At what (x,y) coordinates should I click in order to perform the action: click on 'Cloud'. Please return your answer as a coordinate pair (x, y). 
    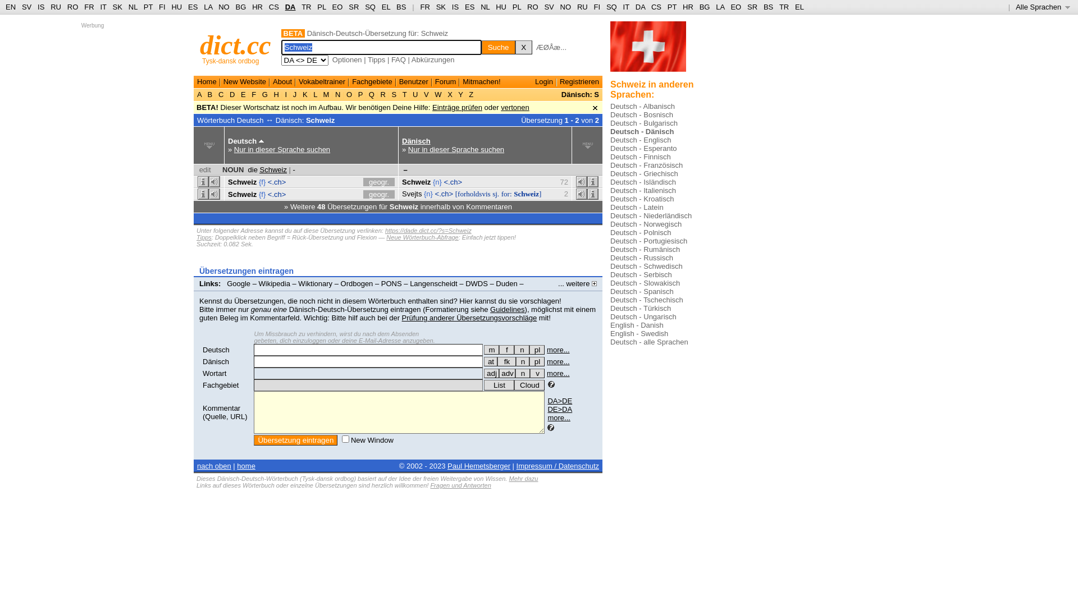
    Looking at the image, I should click on (528, 384).